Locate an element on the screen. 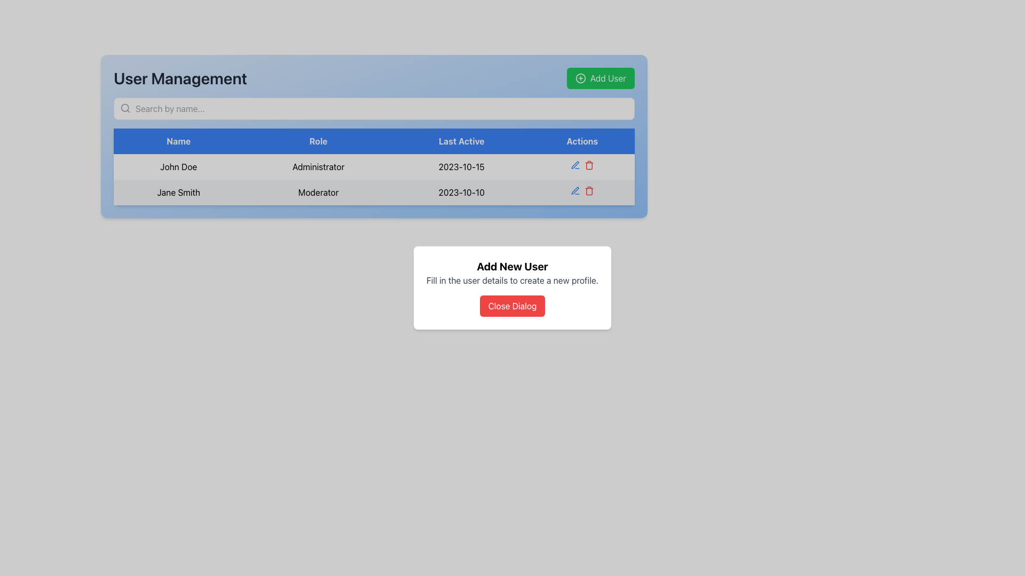 The image size is (1025, 576). the non-interactive text label displaying the last active date for the user Jane Smith in the user management interface, located under the 'Last Active' header is located at coordinates (461, 193).